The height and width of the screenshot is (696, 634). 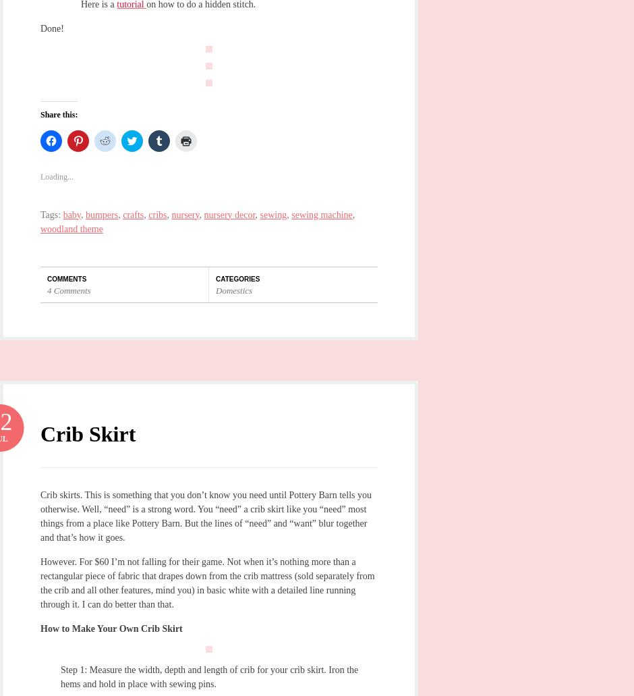 What do you see at coordinates (122, 213) in the screenshot?
I see `'crafts'` at bounding box center [122, 213].